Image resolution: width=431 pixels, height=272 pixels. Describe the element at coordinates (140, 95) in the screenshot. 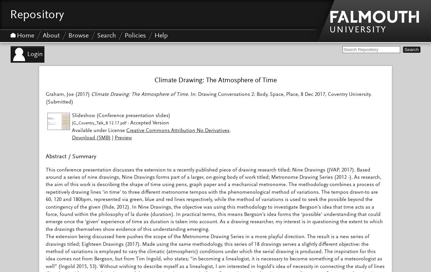

I see `'Climate Drawing: The Atmosphere of Time.'` at that location.